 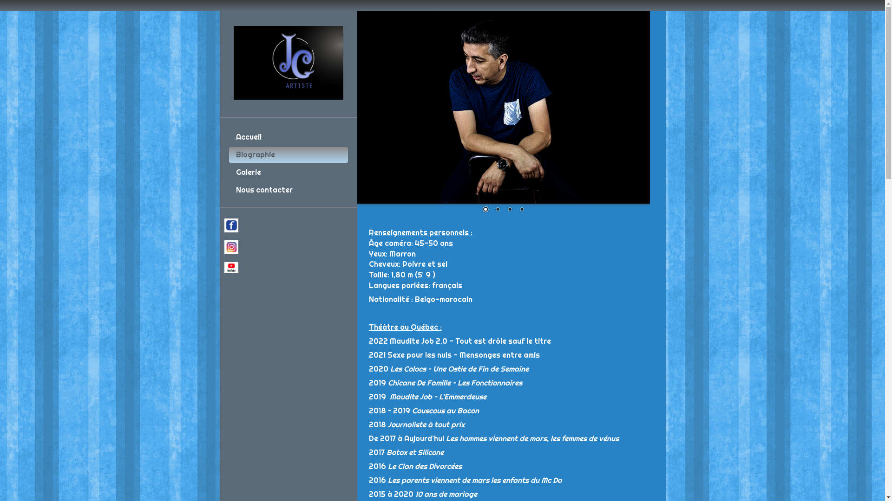 I want to click on '1', so click(x=485, y=210).